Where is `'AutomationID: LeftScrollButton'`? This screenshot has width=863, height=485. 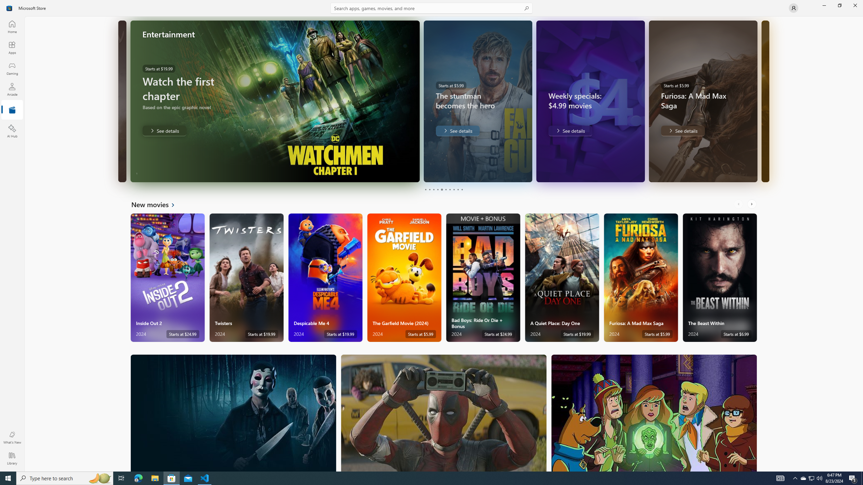 'AutomationID: LeftScrollButton' is located at coordinates (739, 204).